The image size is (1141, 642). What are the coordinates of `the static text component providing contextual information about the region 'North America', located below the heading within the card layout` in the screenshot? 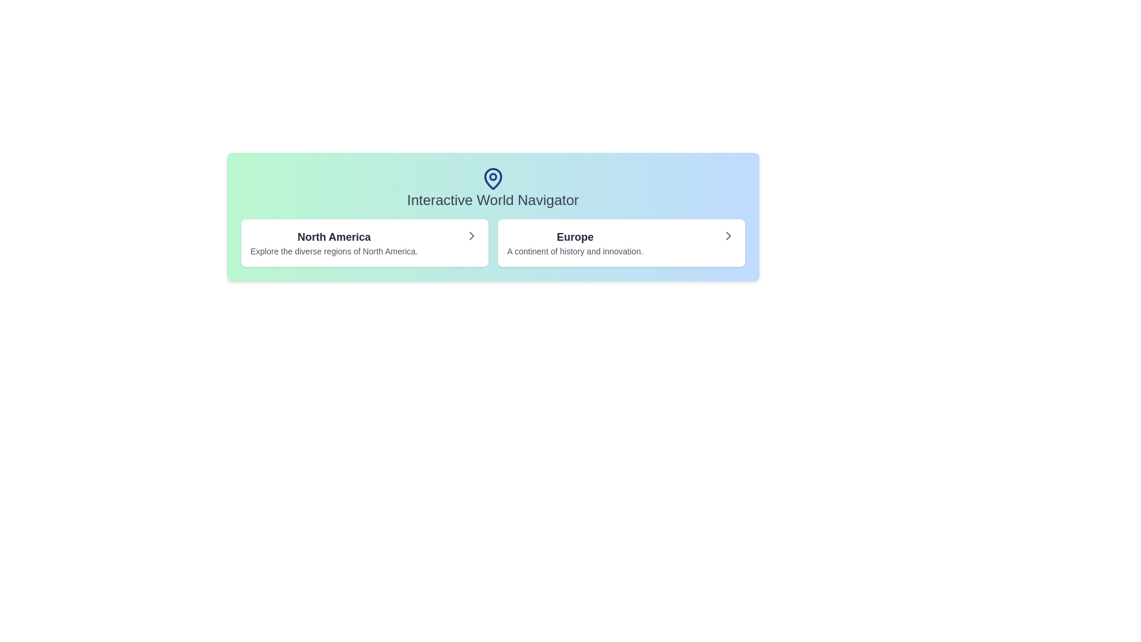 It's located at (333, 251).